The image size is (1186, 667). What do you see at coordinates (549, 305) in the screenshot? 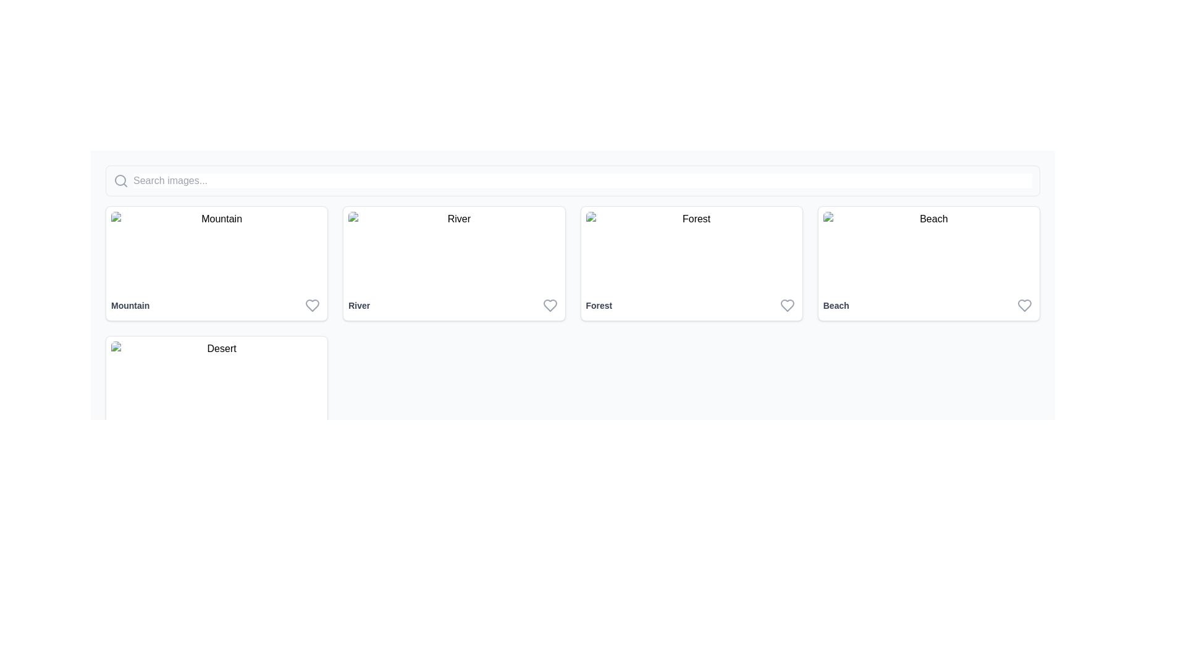
I see `the heart-shaped icon located at the bottom-right corner of the 'River' card, which symbolizes 'liking' or 'favoriting' content` at bounding box center [549, 305].